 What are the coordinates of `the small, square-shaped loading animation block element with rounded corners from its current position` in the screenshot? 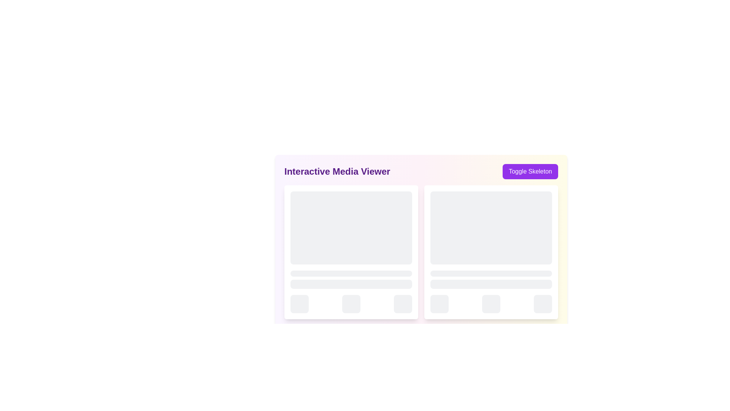 It's located at (403, 303).